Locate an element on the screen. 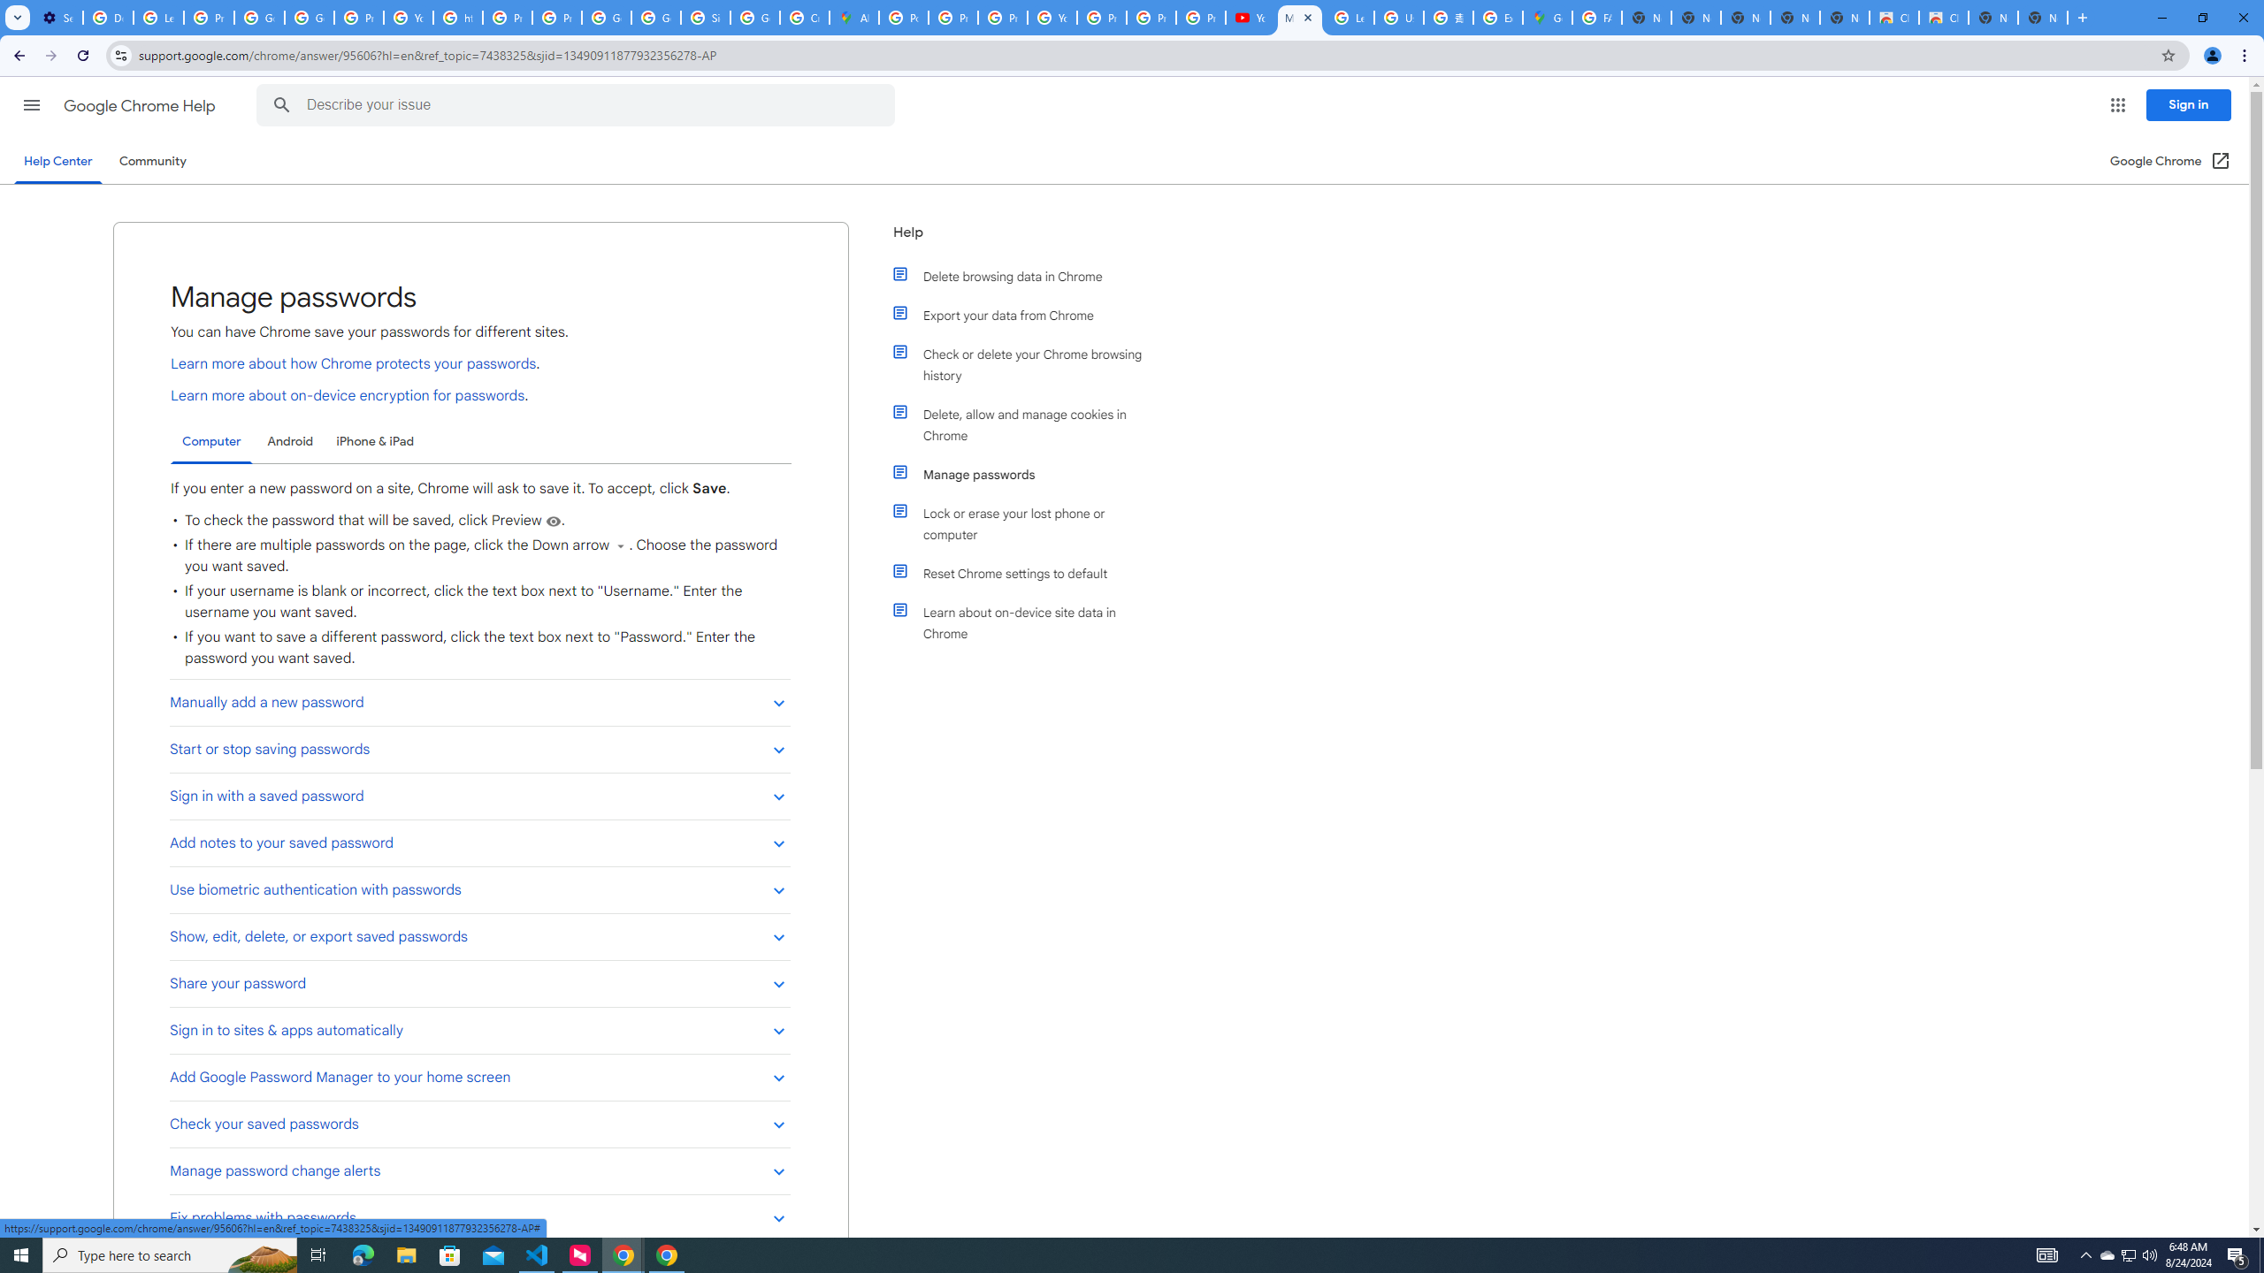 Image resolution: width=2264 pixels, height=1273 pixels. 'Use biometric authentication with passwords' is located at coordinates (479, 889).